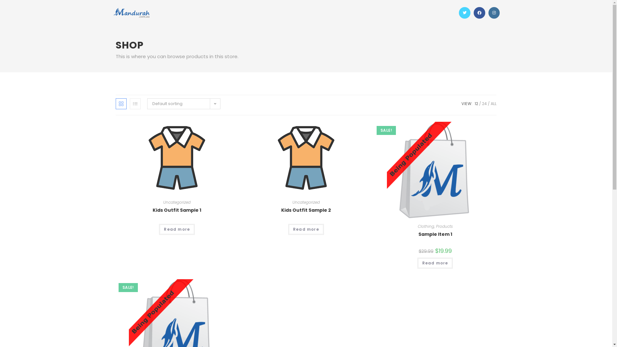  Describe the element at coordinates (121, 103) in the screenshot. I see `'Grid view'` at that location.